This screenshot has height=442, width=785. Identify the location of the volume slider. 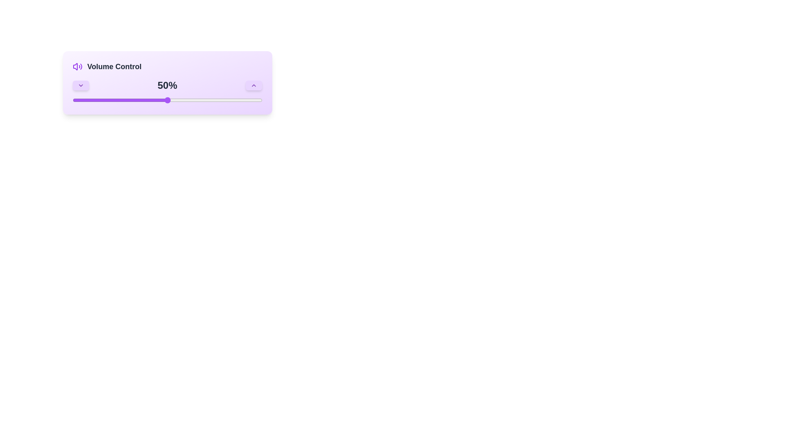
(78, 100).